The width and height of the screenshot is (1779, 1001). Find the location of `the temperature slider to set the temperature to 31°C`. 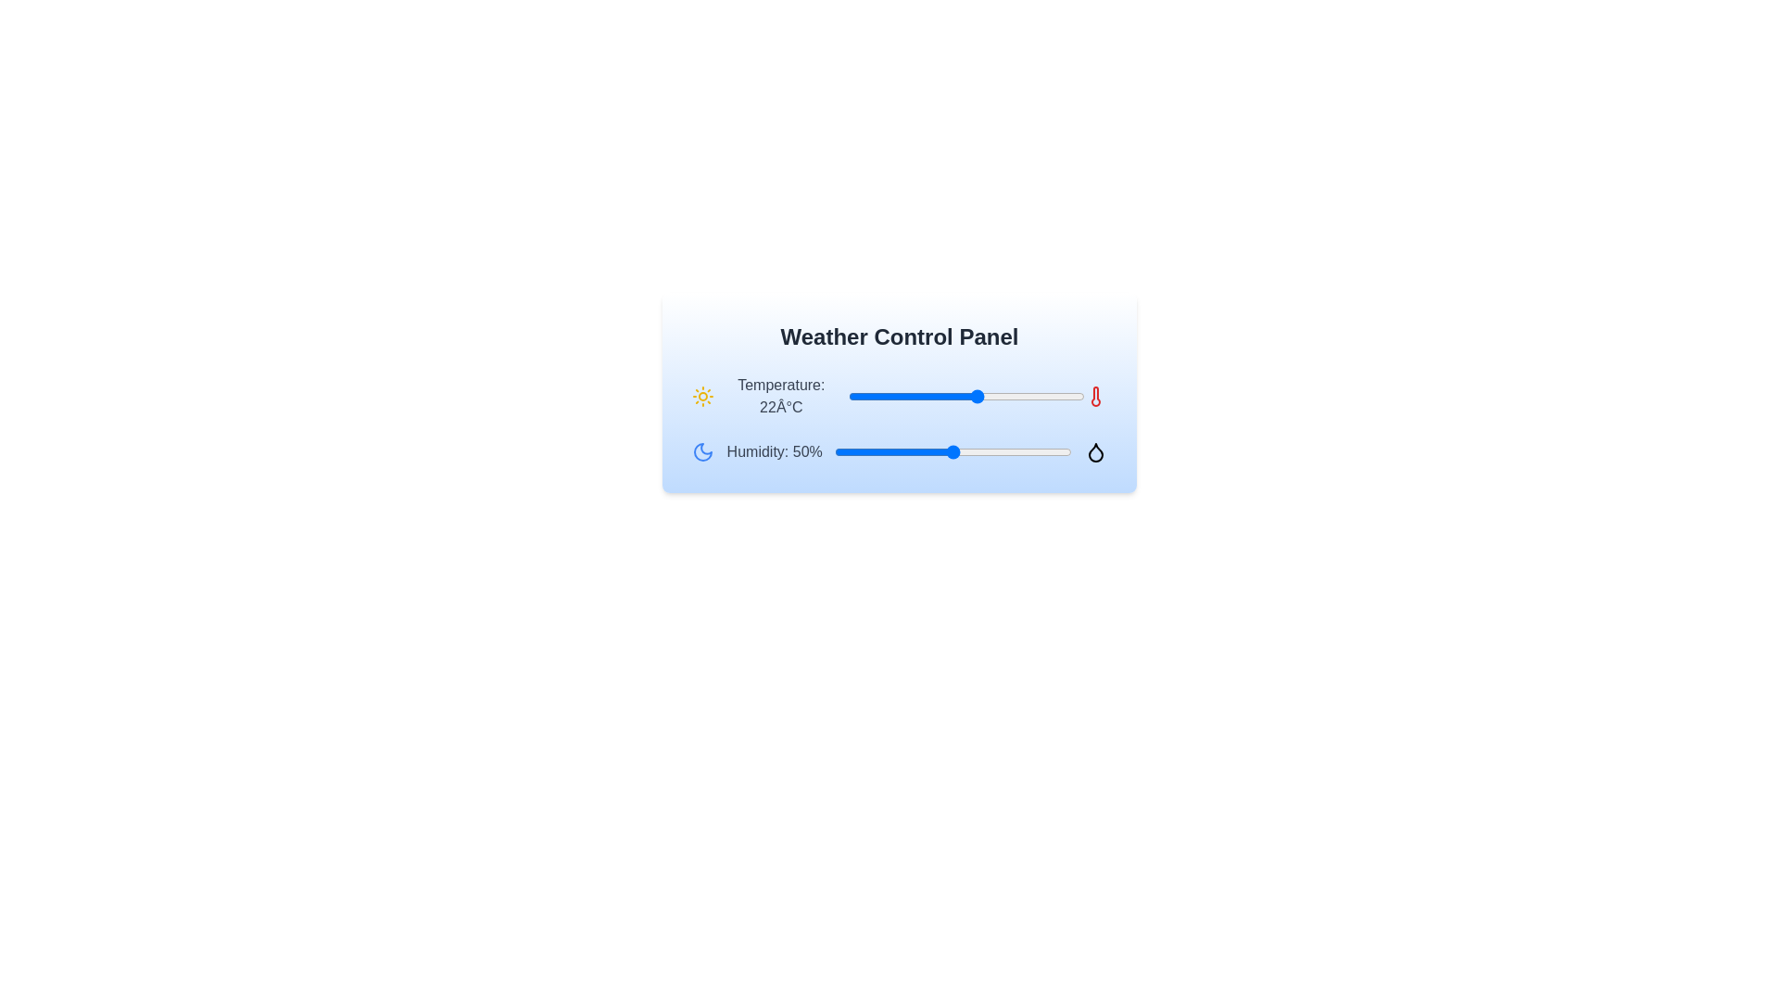

the temperature slider to set the temperature to 31°C is located at coordinates (1030, 396).